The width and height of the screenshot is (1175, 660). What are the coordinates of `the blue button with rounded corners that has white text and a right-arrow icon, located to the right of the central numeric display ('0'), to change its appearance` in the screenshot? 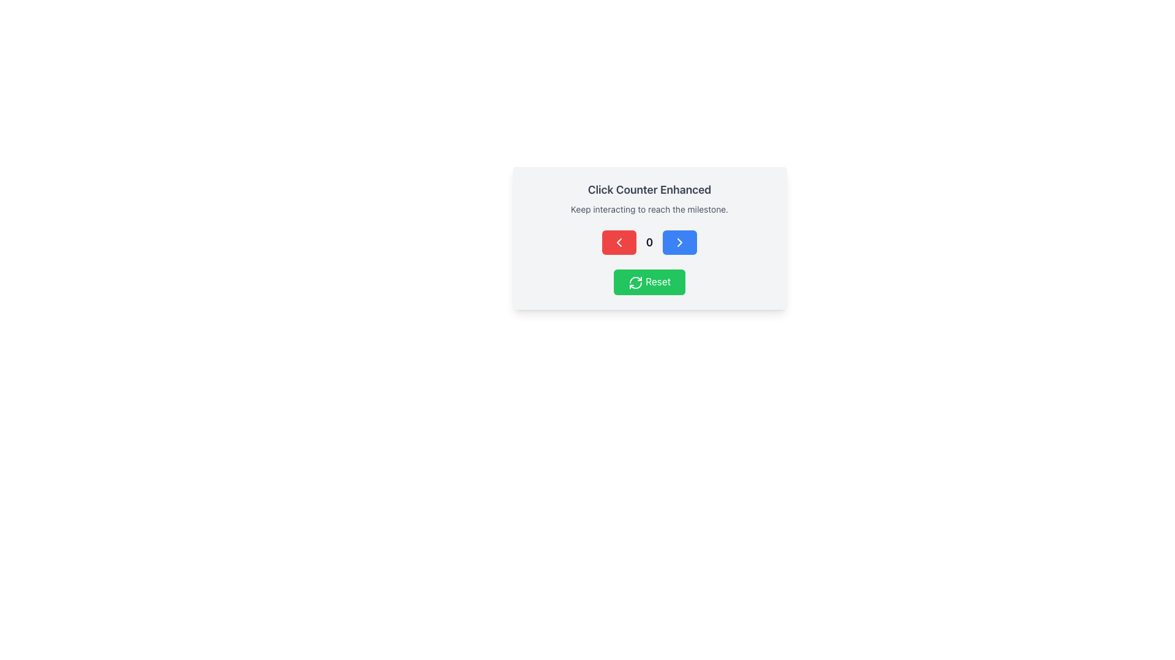 It's located at (679, 243).